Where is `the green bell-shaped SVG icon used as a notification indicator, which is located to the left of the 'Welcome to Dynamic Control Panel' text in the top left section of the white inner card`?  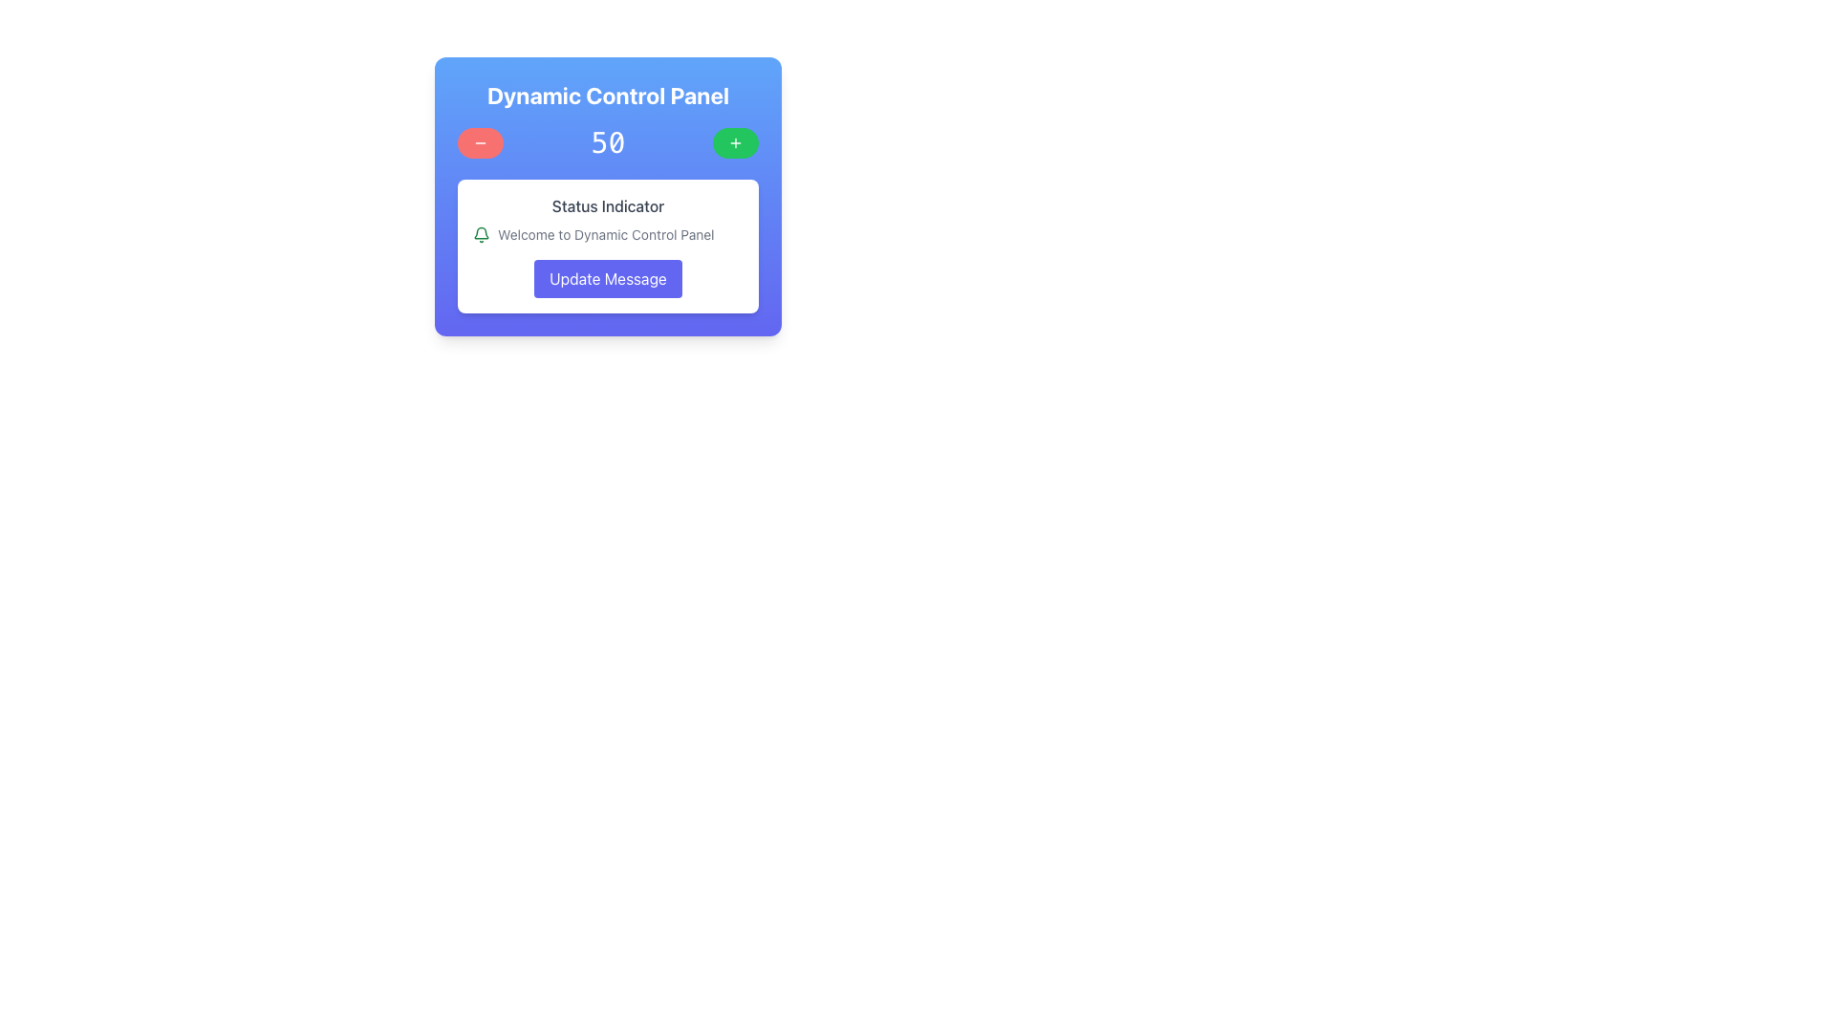 the green bell-shaped SVG icon used as a notification indicator, which is located to the left of the 'Welcome to Dynamic Control Panel' text in the top left section of the white inner card is located at coordinates (482, 234).